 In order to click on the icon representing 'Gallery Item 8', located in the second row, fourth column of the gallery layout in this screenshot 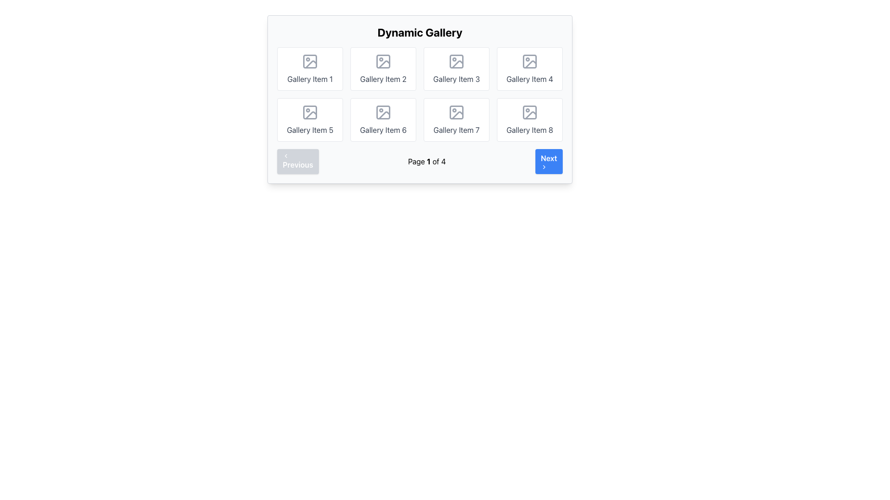, I will do `click(529, 112)`.